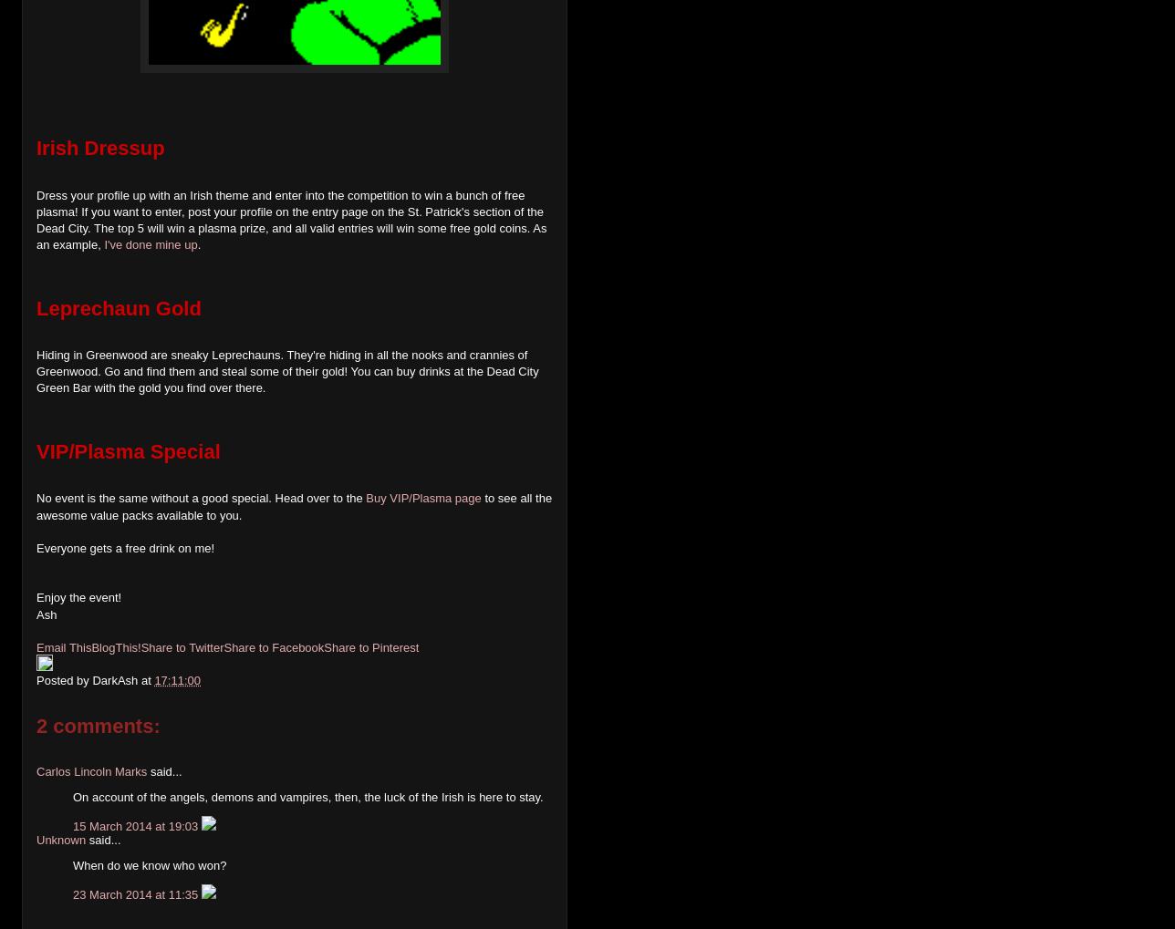 This screenshot has height=929, width=1175. Describe the element at coordinates (147, 679) in the screenshot. I see `'at'` at that location.